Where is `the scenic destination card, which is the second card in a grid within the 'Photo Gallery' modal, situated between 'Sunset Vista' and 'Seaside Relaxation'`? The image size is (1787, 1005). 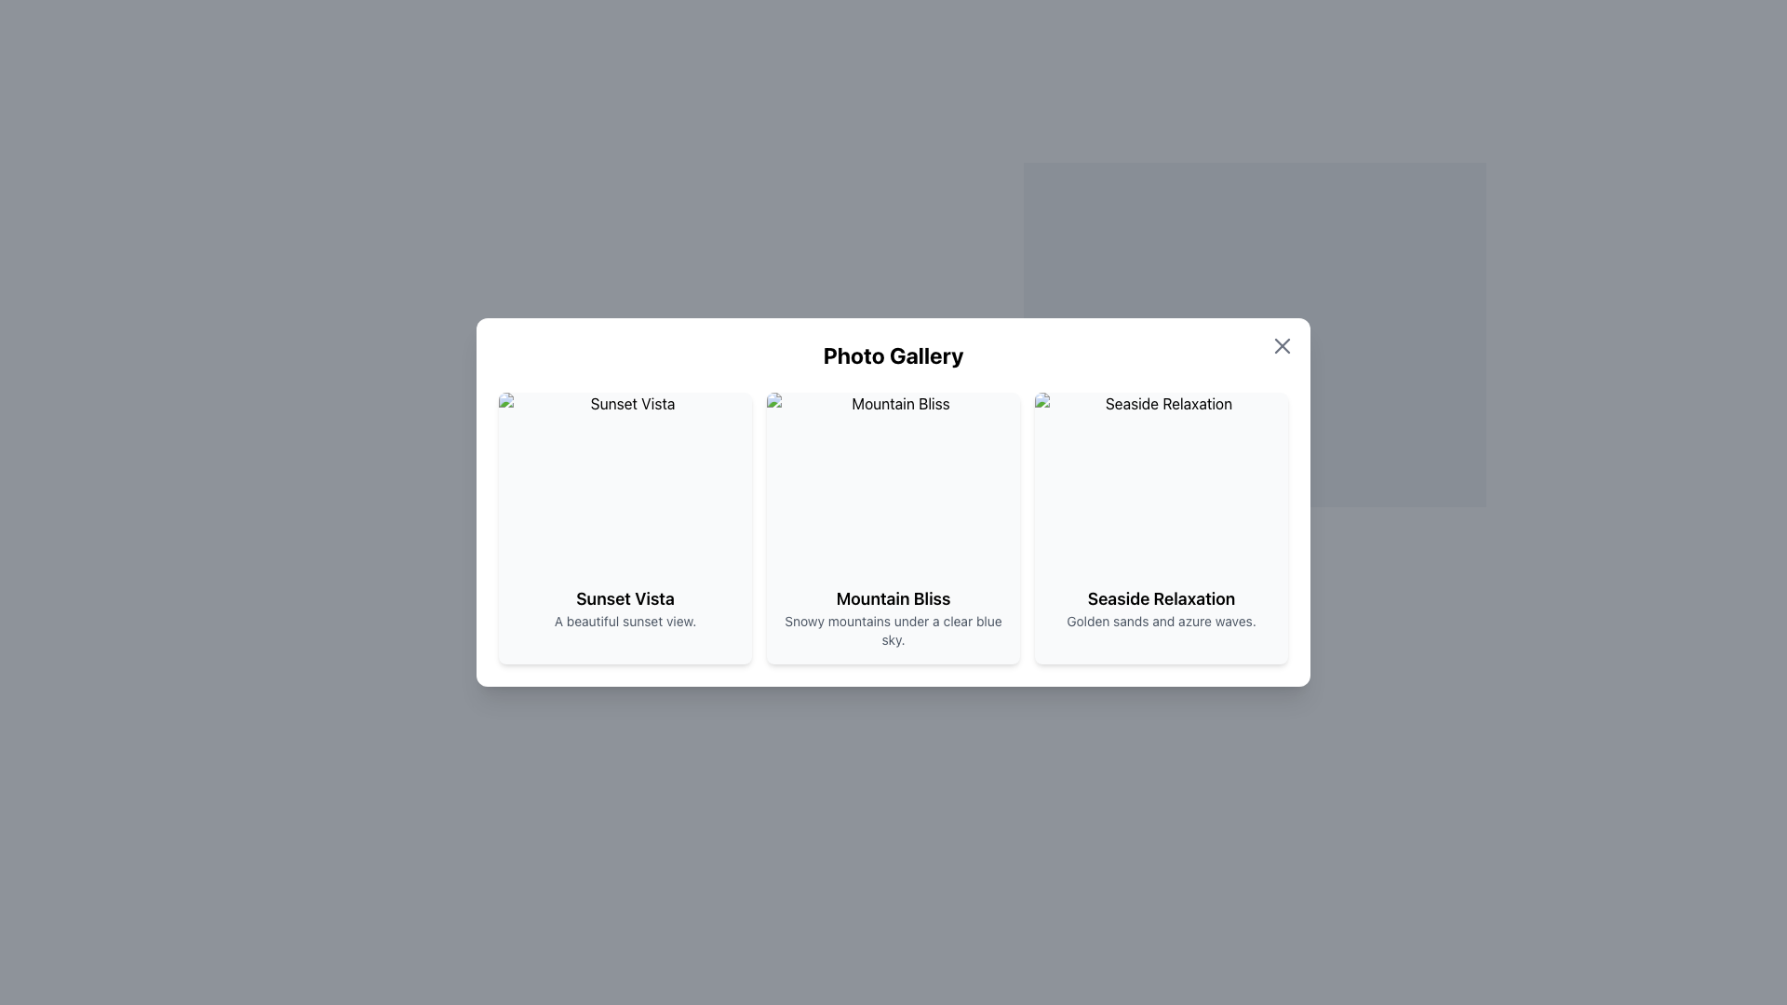 the scenic destination card, which is the second card in a grid within the 'Photo Gallery' modal, situated between 'Sunset Vista' and 'Seaside Relaxation' is located at coordinates (893, 528).